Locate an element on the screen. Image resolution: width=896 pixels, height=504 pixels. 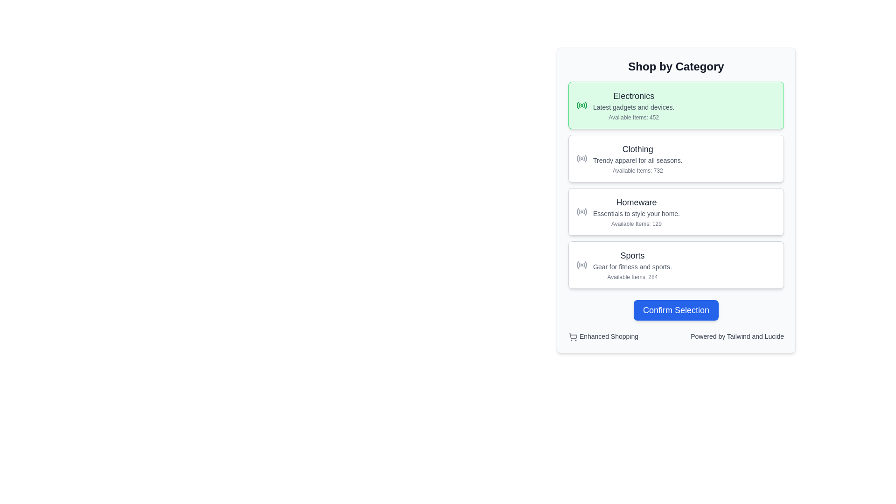
the 'Electronics' Button-like panel is located at coordinates (676, 105).